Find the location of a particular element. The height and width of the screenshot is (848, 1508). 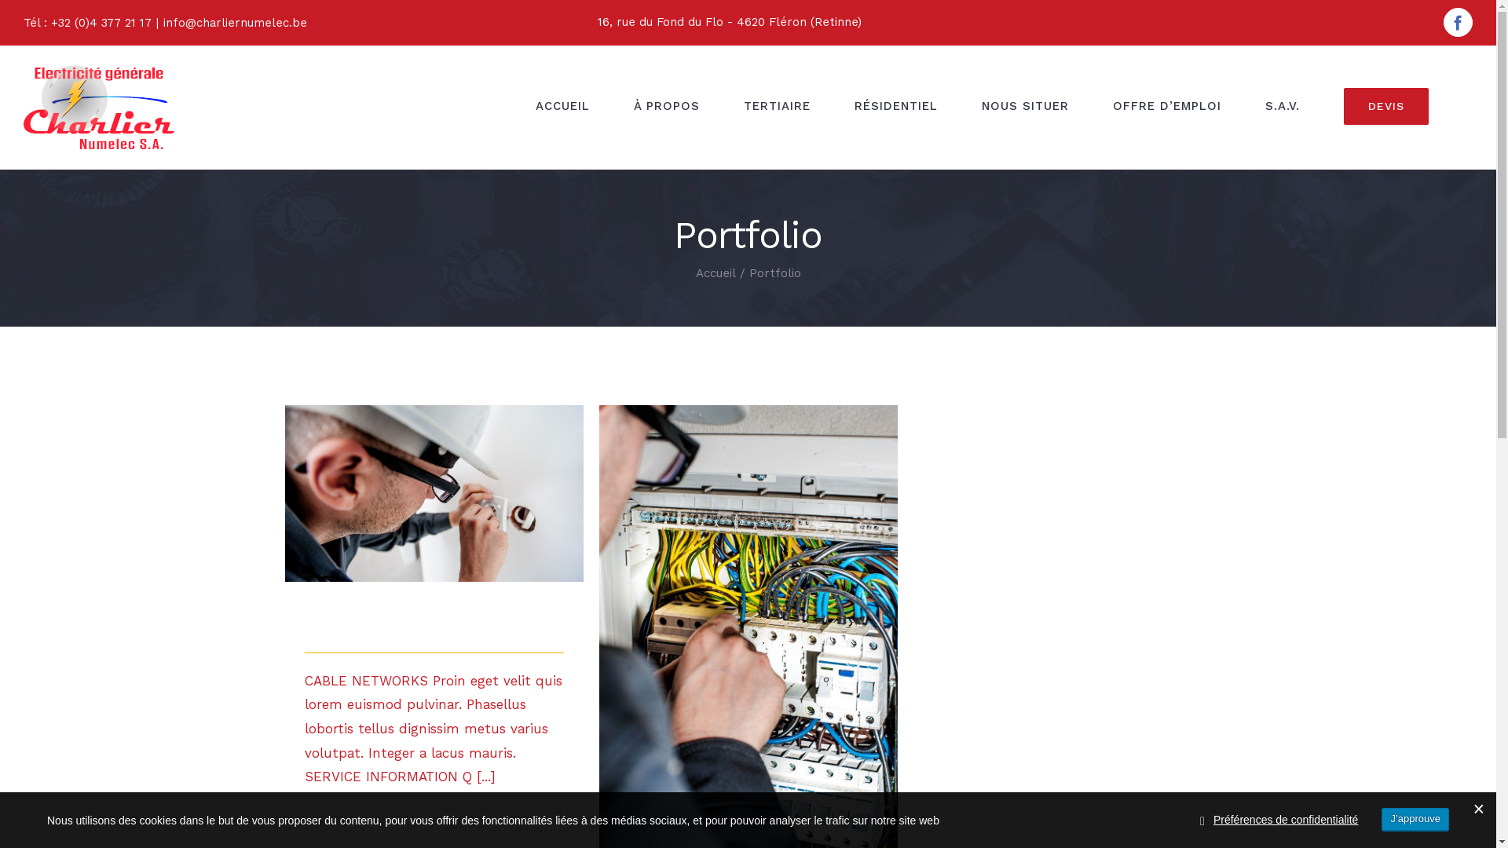

'Facebook' is located at coordinates (1457, 22).